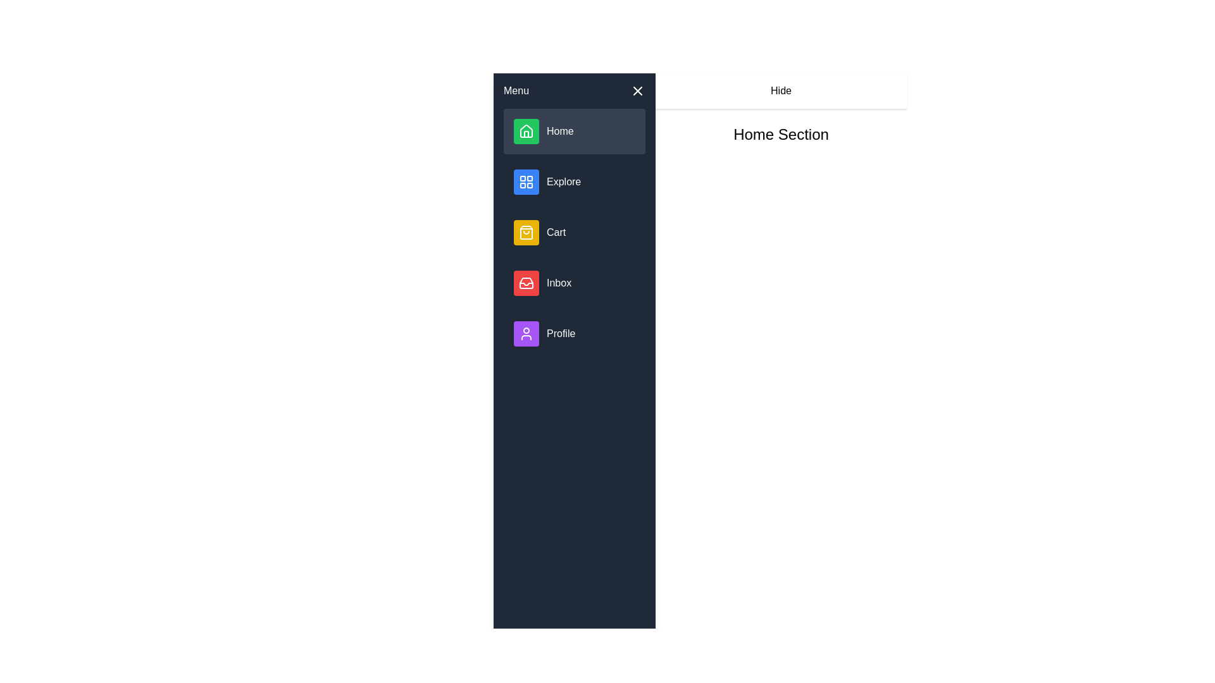  Describe the element at coordinates (526, 282) in the screenshot. I see `the red square-shaped icon with a white inbox symbol located in the vertical menu on the left side, which is the fourth item after Home, Explore, and Cart` at that location.